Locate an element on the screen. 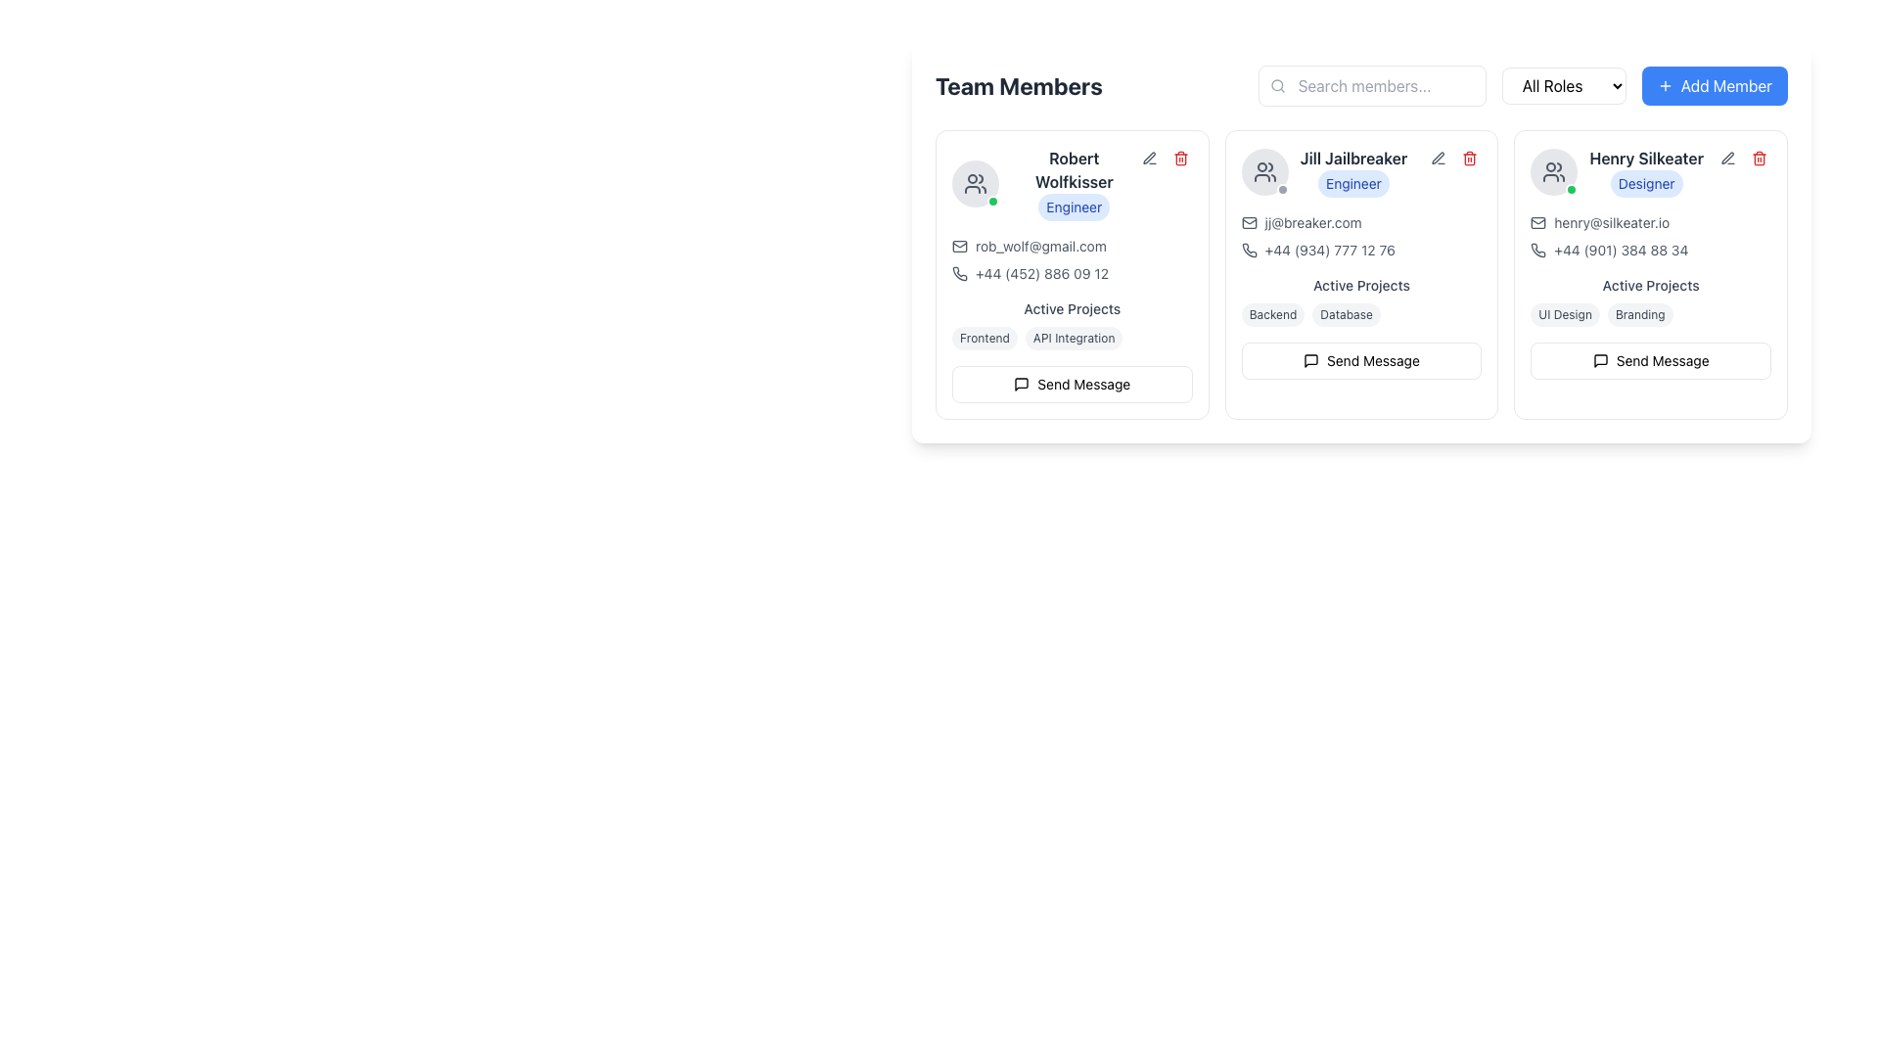  the small pen icon button with a gray outline next to the name and role of 'Henry Silkeater' is located at coordinates (1727, 157).